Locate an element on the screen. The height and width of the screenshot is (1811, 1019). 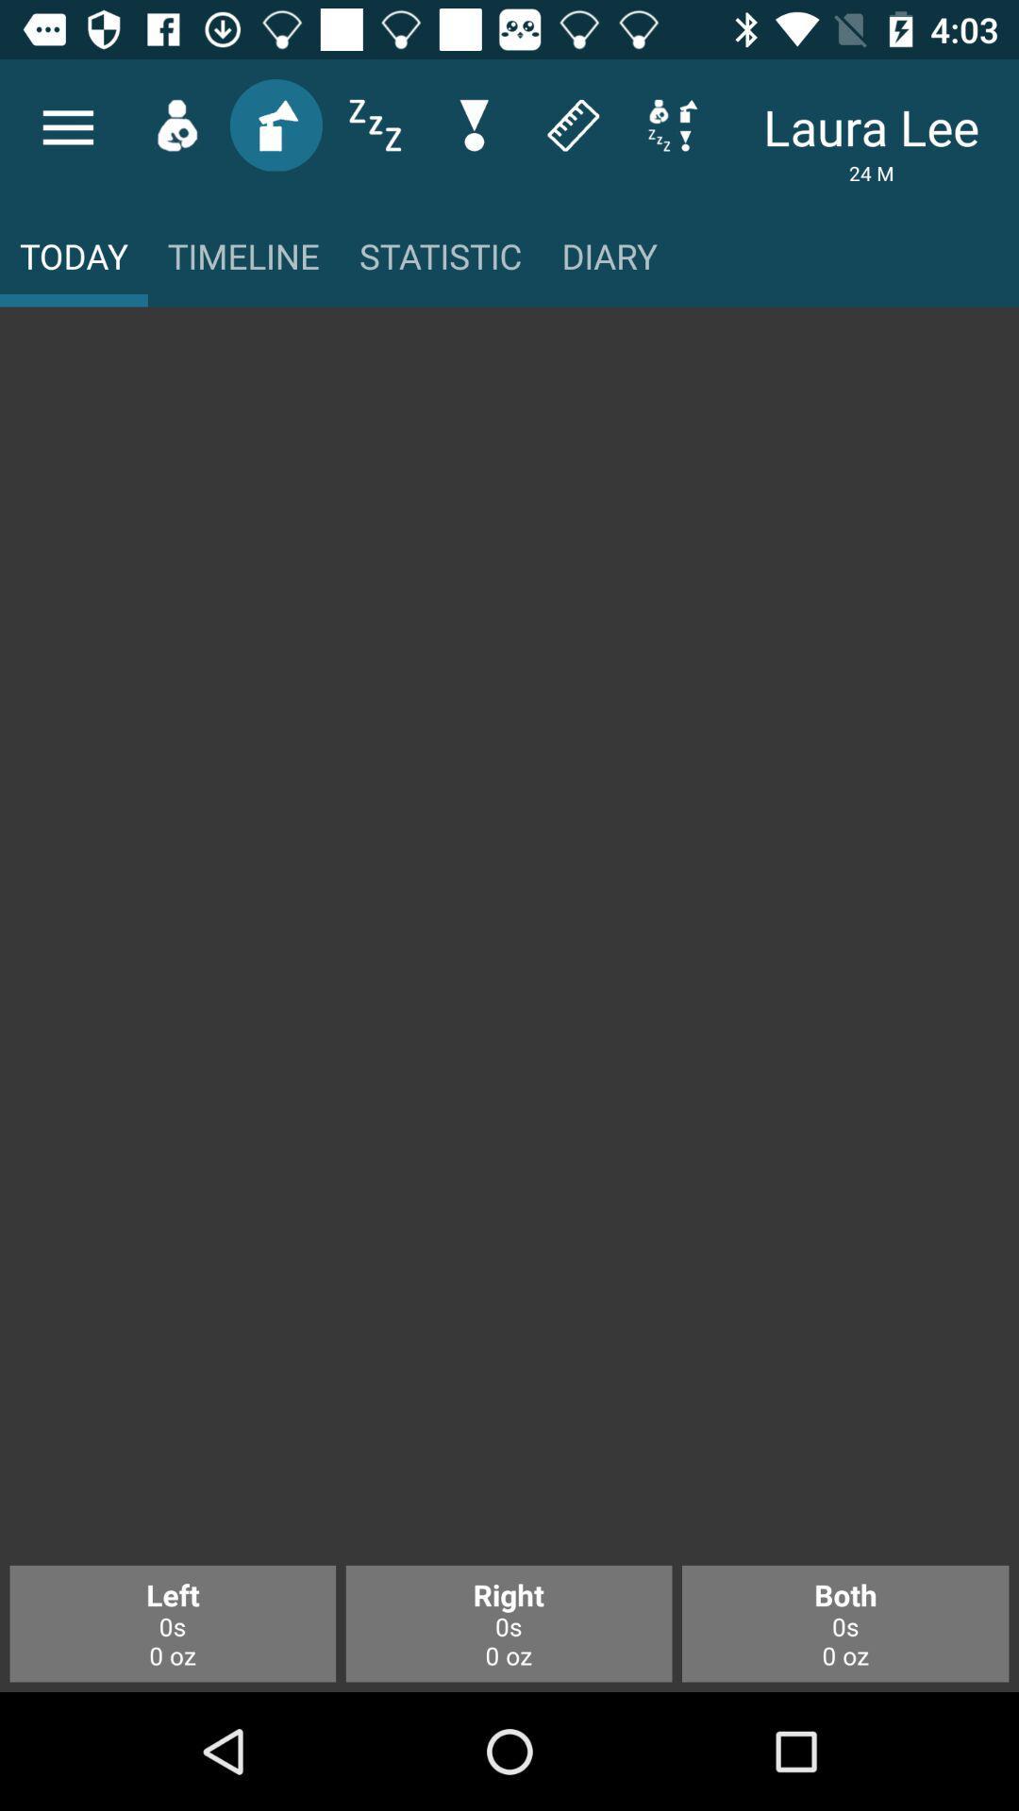
main body is located at coordinates (509, 946).